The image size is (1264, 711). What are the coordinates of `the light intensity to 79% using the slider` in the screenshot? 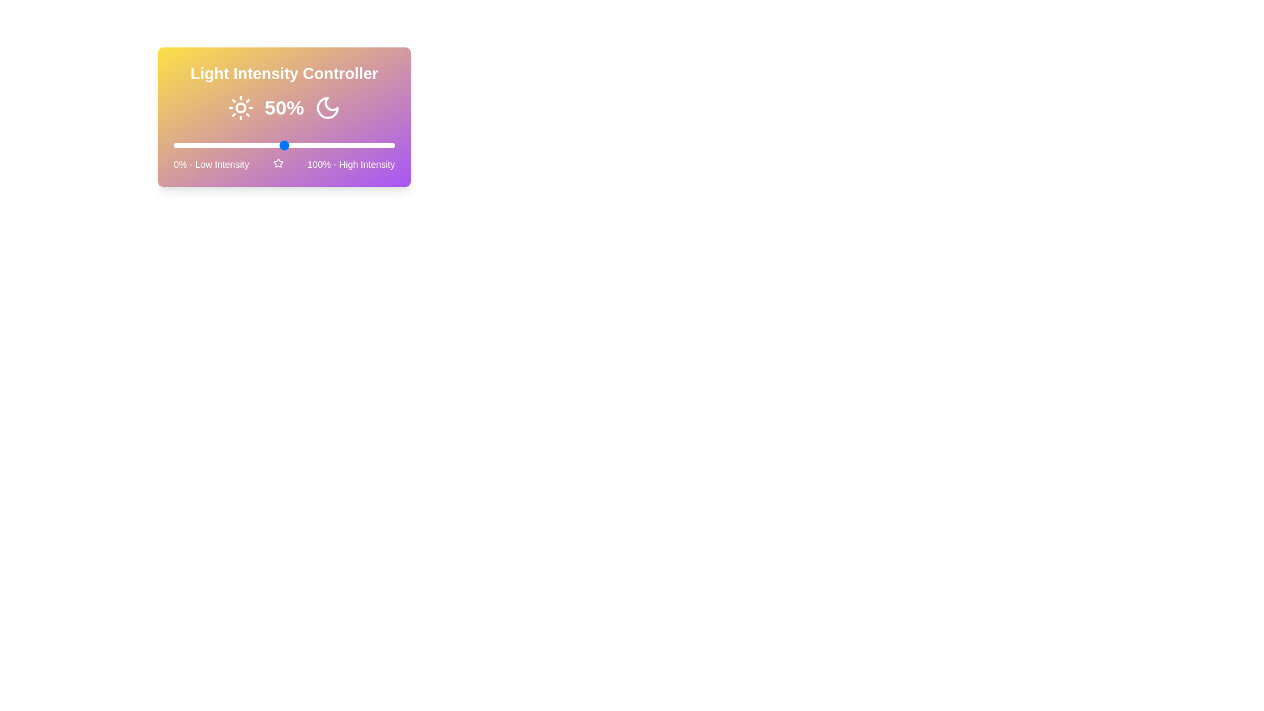 It's located at (348, 145).